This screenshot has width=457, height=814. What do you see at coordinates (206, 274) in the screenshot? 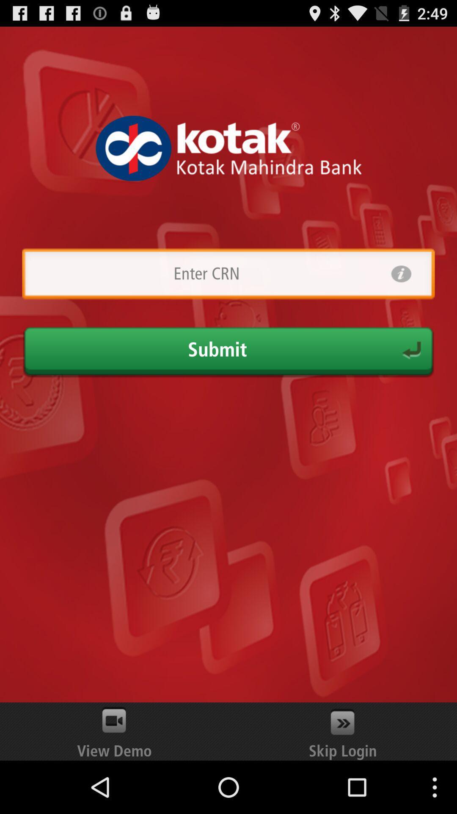
I see `country` at bounding box center [206, 274].